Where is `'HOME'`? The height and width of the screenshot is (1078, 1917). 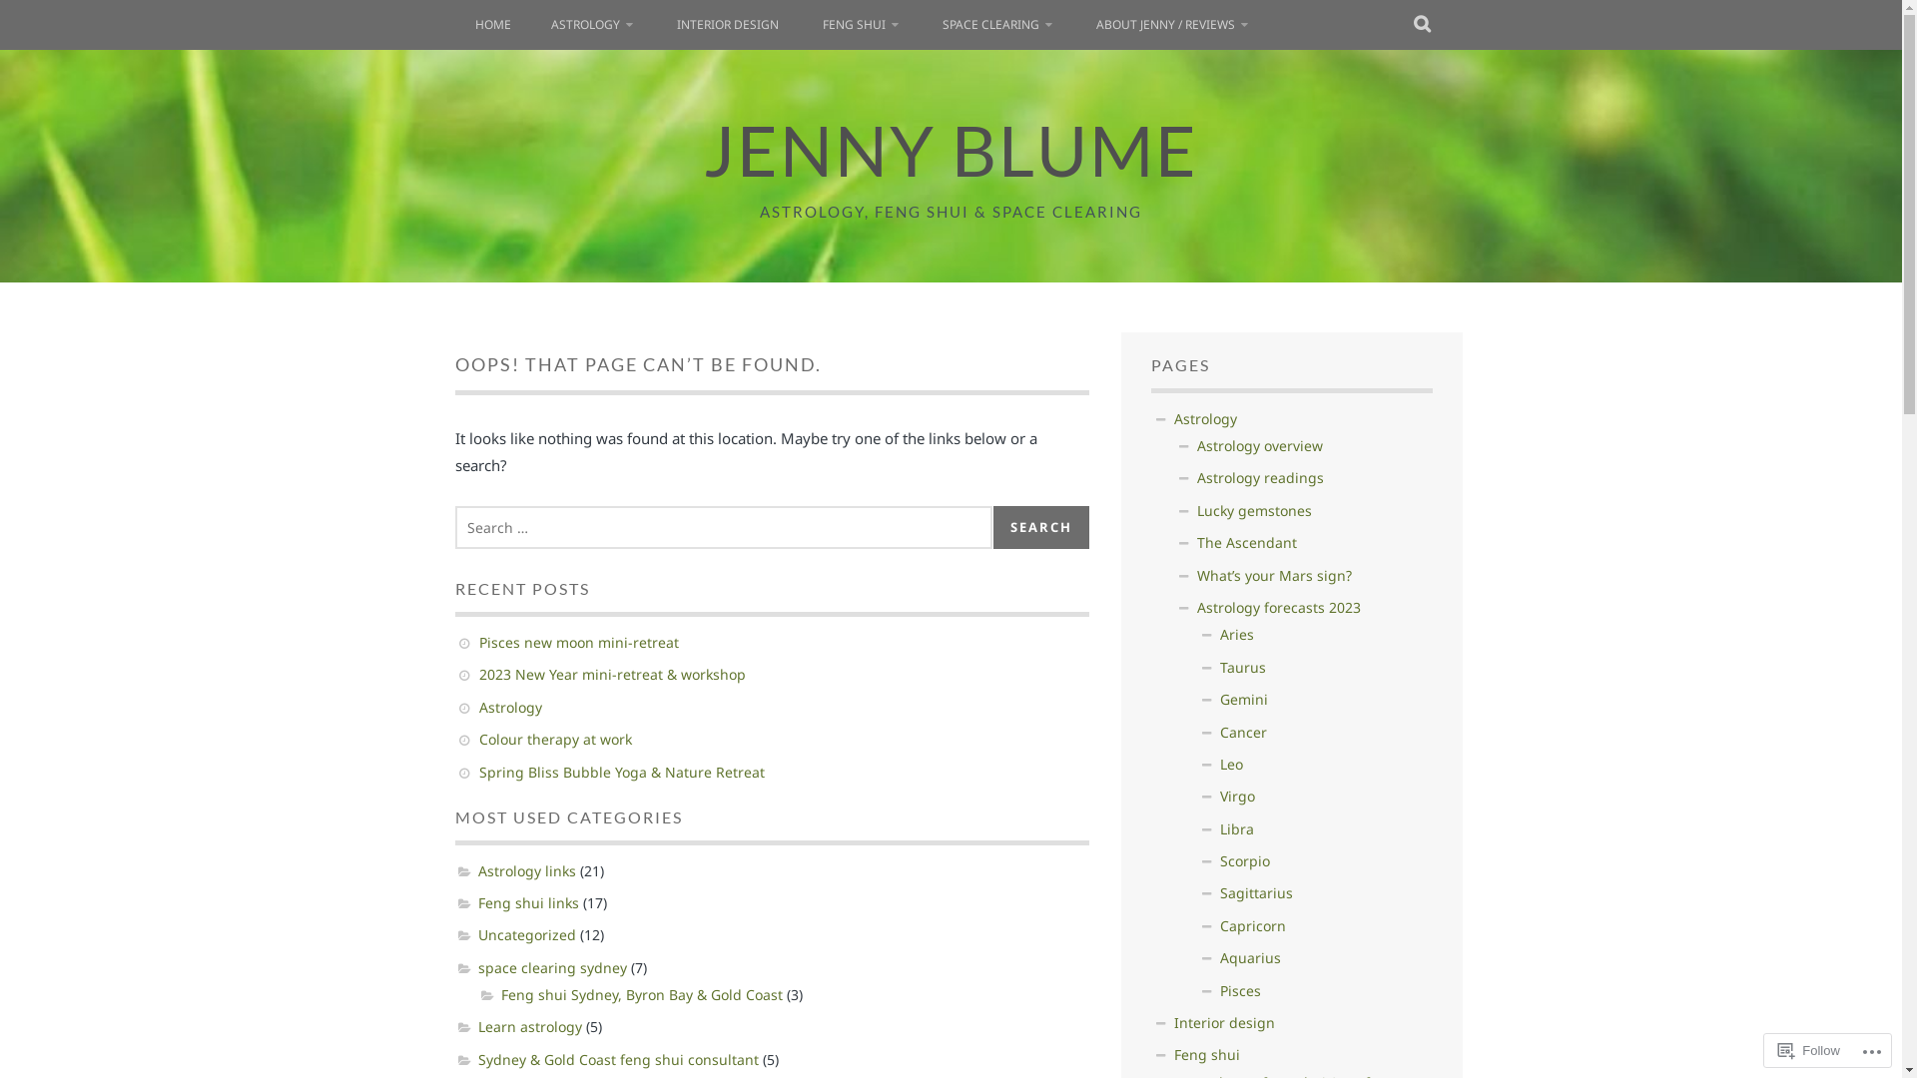 'HOME' is located at coordinates (493, 24).